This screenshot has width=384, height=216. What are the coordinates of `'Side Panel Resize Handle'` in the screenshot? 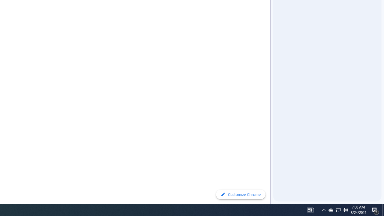 It's located at (271, 12).